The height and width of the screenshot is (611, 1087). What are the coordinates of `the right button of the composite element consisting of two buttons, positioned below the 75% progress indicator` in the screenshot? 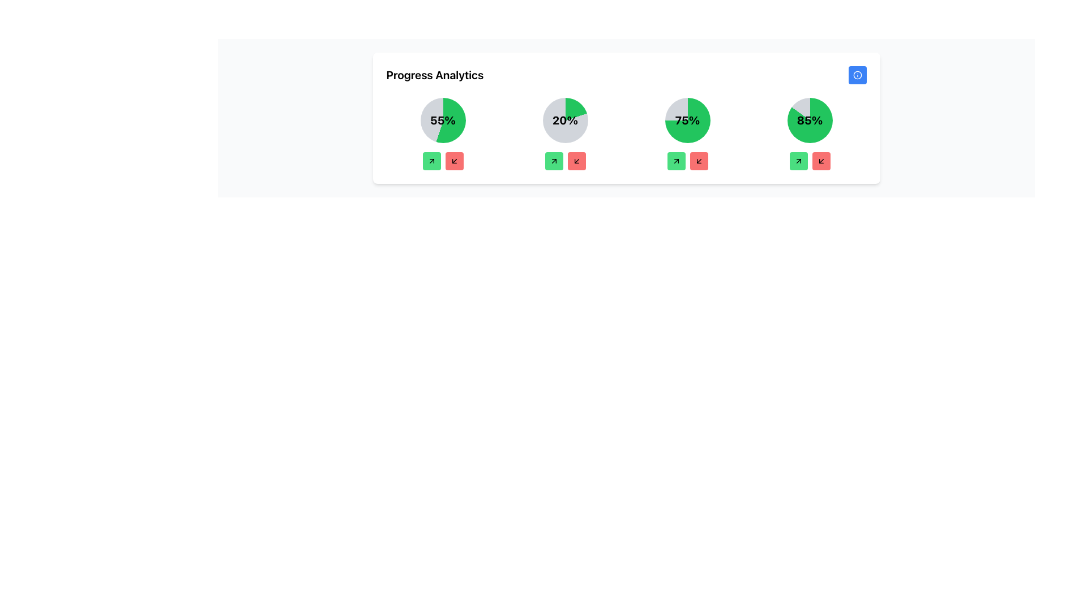 It's located at (687, 161).